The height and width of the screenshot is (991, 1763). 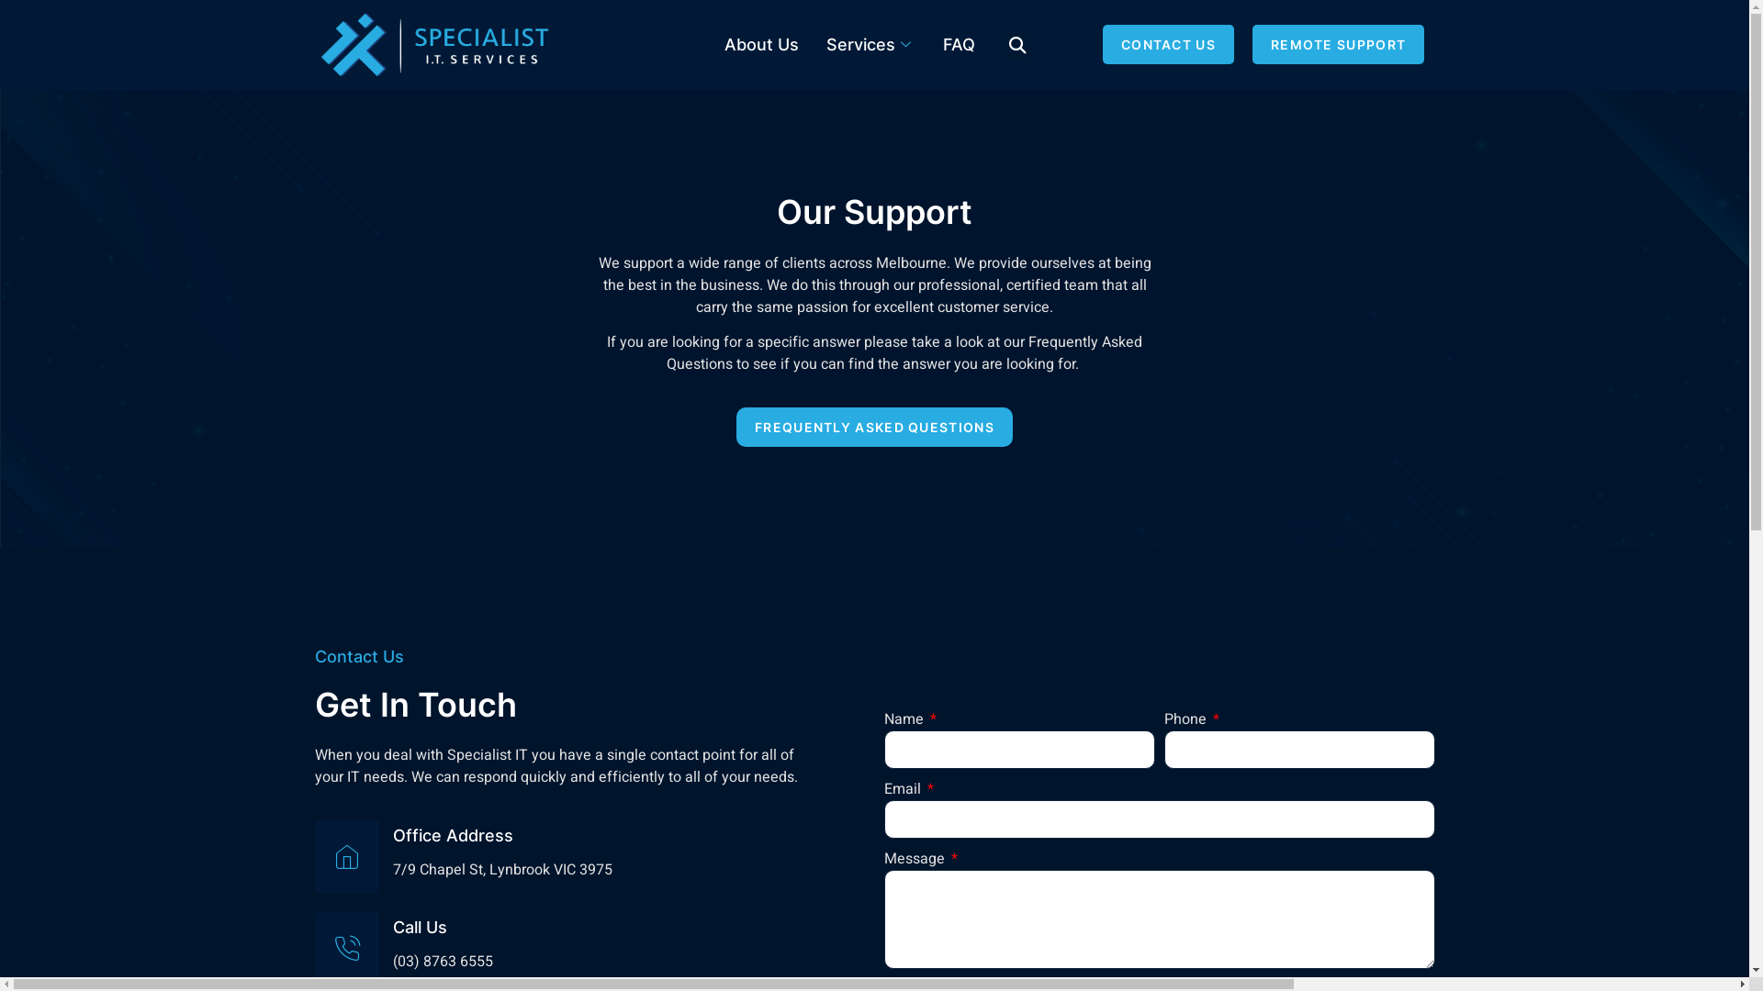 I want to click on 'FAQ', so click(x=958, y=44).